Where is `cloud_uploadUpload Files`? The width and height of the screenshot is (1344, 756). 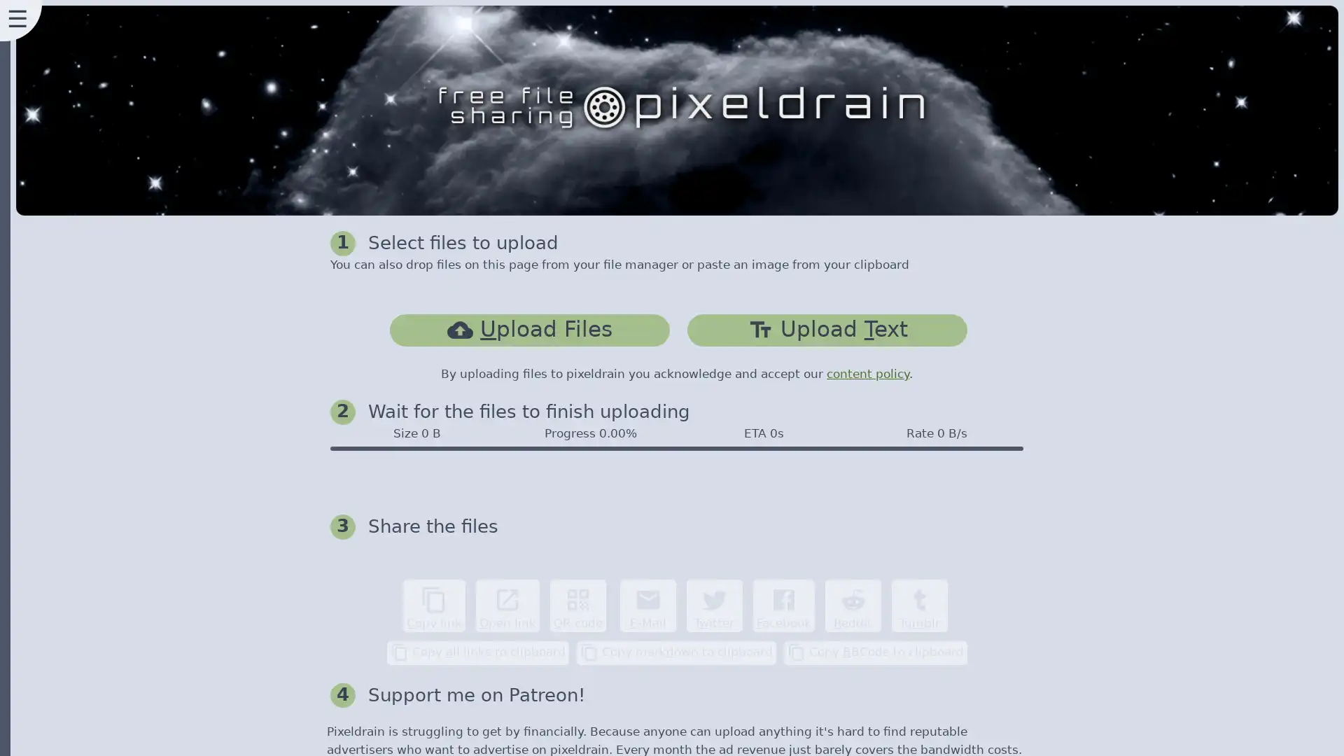 cloud_uploadUpload Files is located at coordinates (624, 330).